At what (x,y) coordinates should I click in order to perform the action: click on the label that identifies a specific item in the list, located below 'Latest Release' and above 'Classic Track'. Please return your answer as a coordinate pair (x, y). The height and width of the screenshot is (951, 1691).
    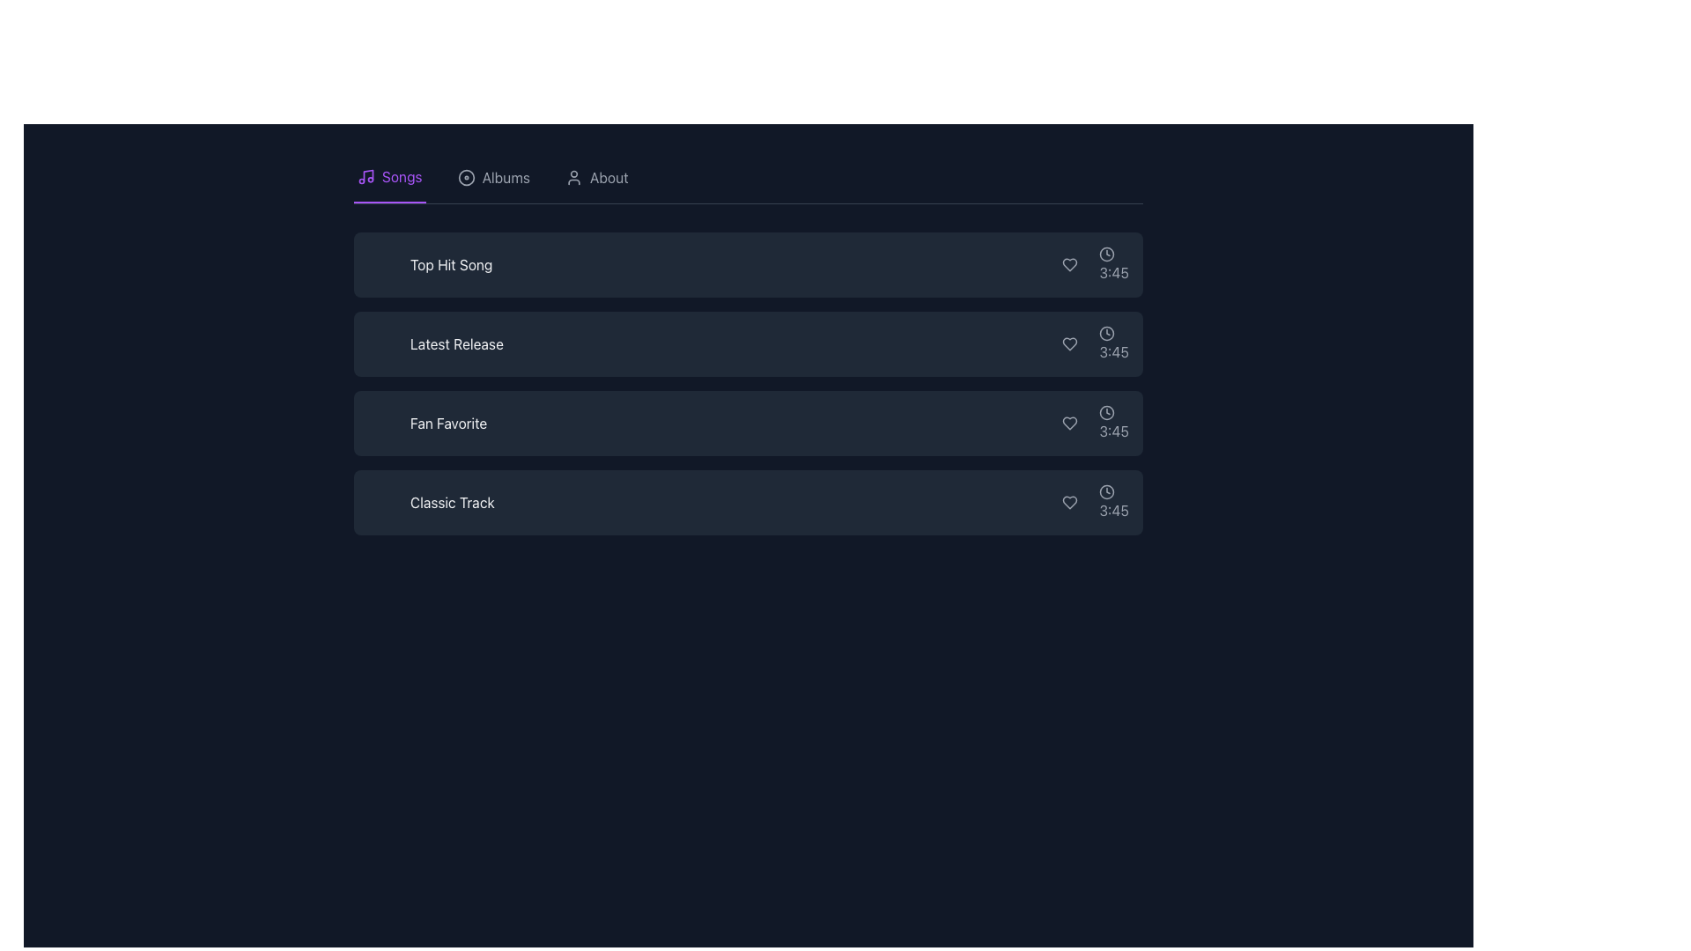
    Looking at the image, I should click on (448, 424).